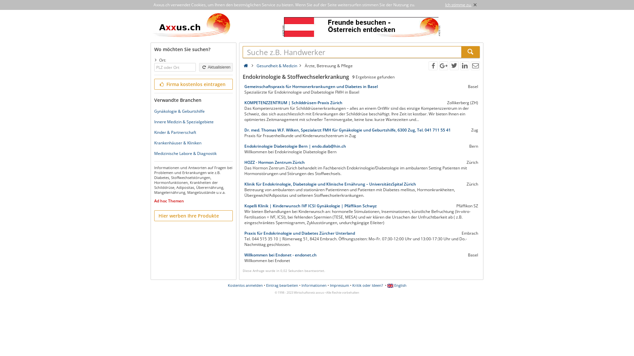 This screenshot has height=356, width=634. I want to click on 'Kinder & Partnerschaft', so click(175, 132).